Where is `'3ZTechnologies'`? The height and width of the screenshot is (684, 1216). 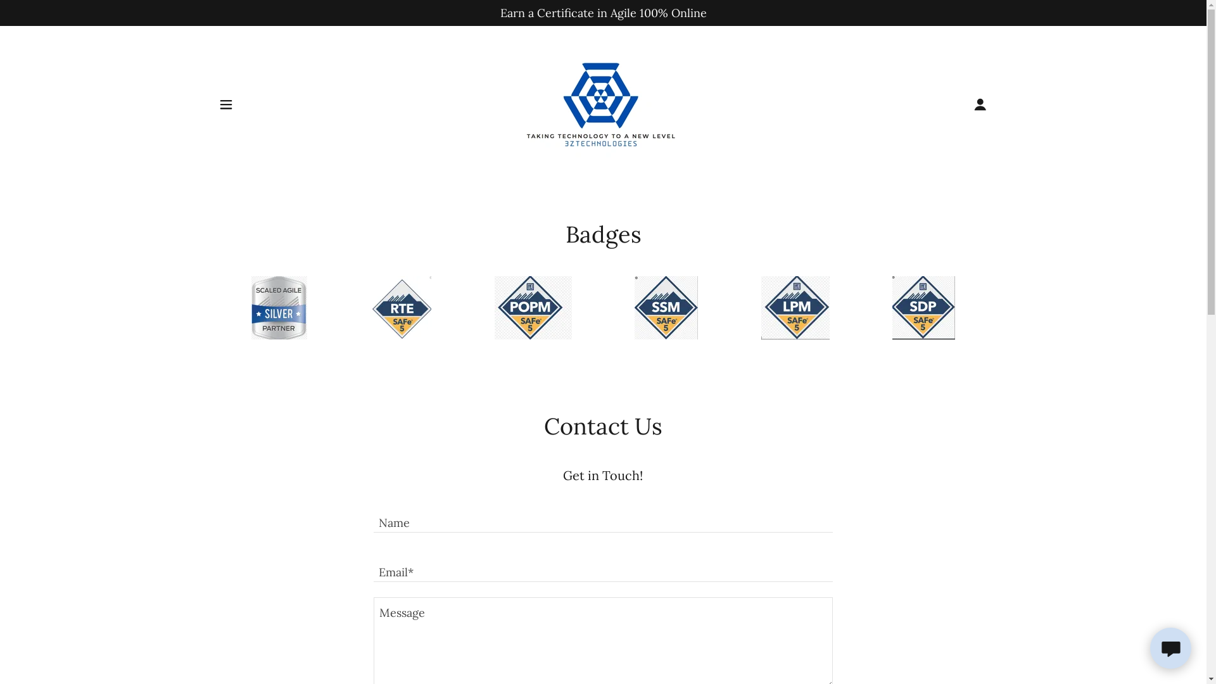 '3ZTechnologies' is located at coordinates (602, 103).